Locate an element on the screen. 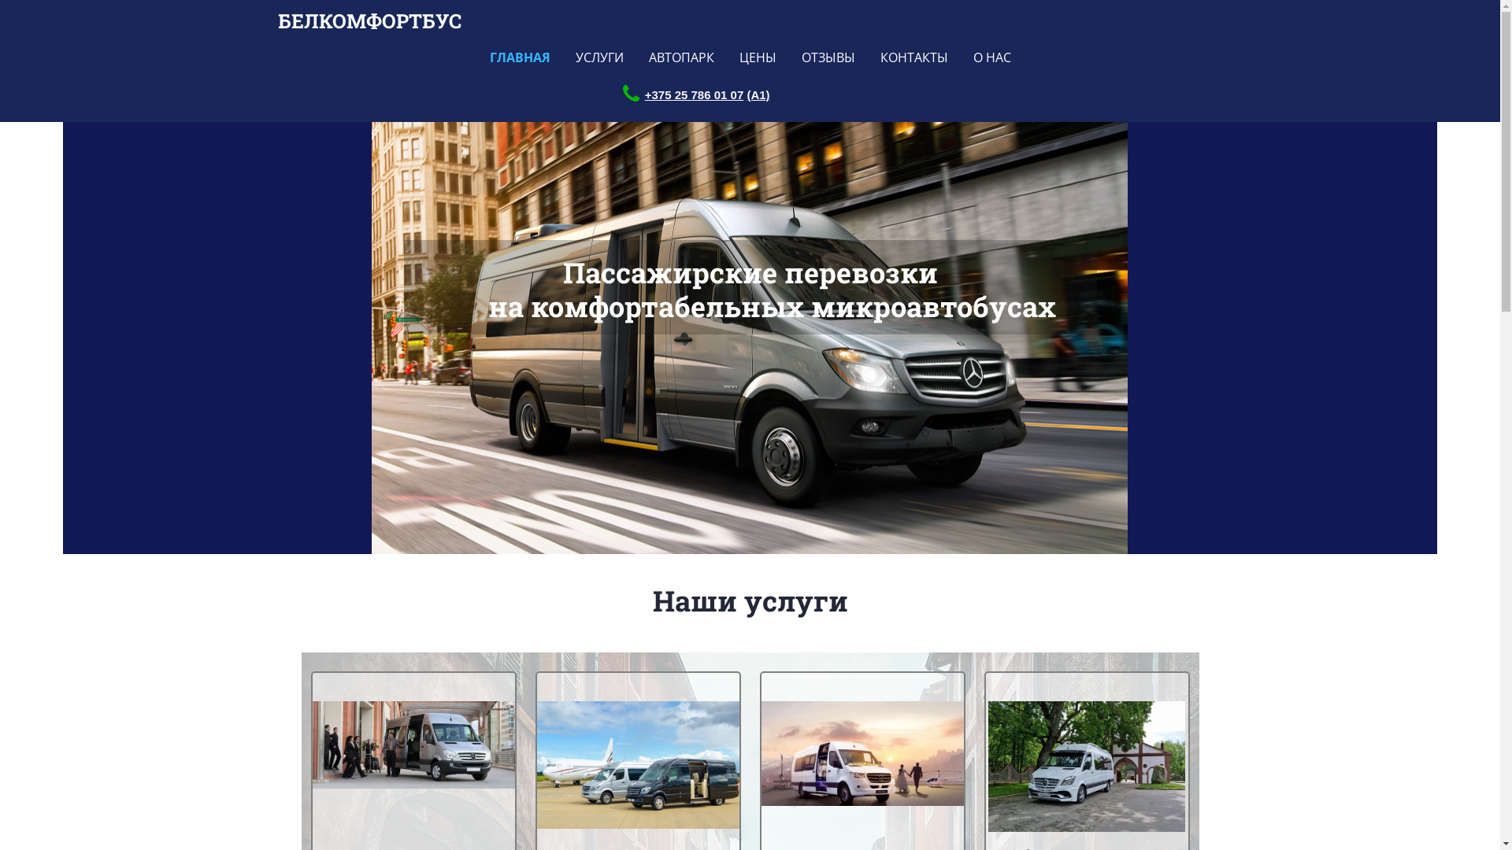 The height and width of the screenshot is (850, 1512). '+375 25 786 01 07' is located at coordinates (645, 94).